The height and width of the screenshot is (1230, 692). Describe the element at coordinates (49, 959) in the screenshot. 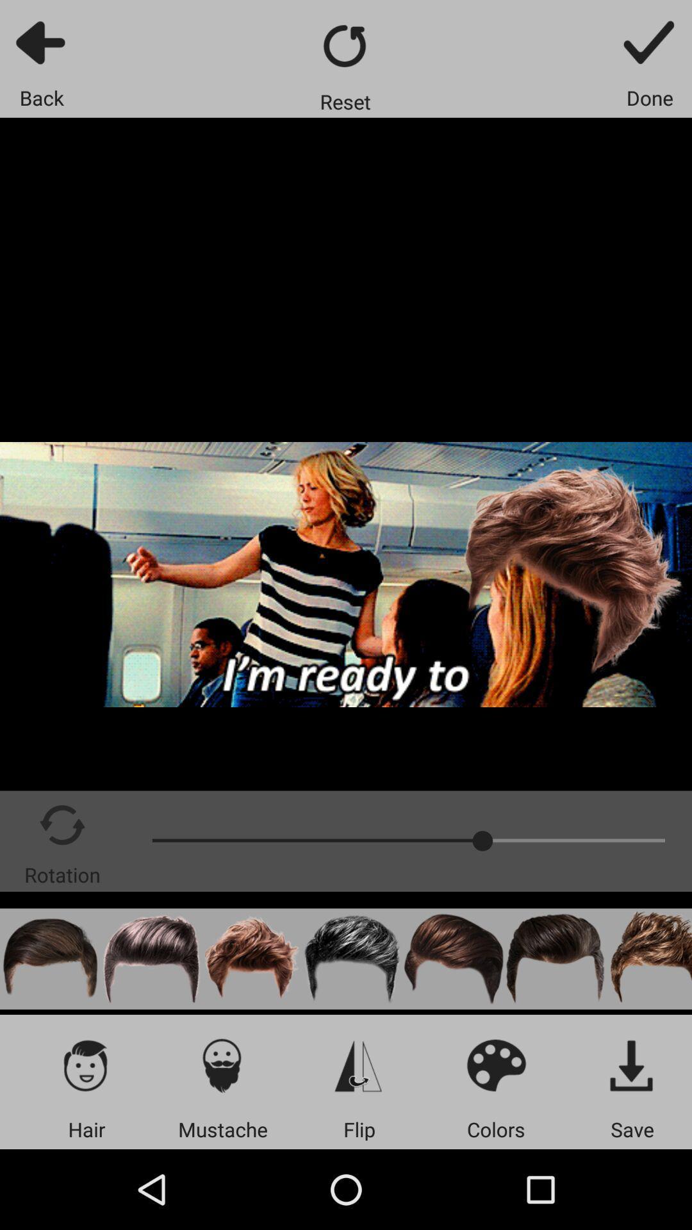

I see `hair option` at that location.